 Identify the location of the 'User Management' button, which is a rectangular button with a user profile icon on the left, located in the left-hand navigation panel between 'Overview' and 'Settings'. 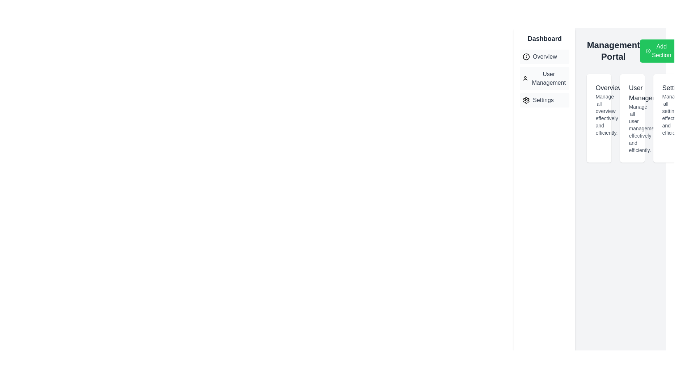
(544, 78).